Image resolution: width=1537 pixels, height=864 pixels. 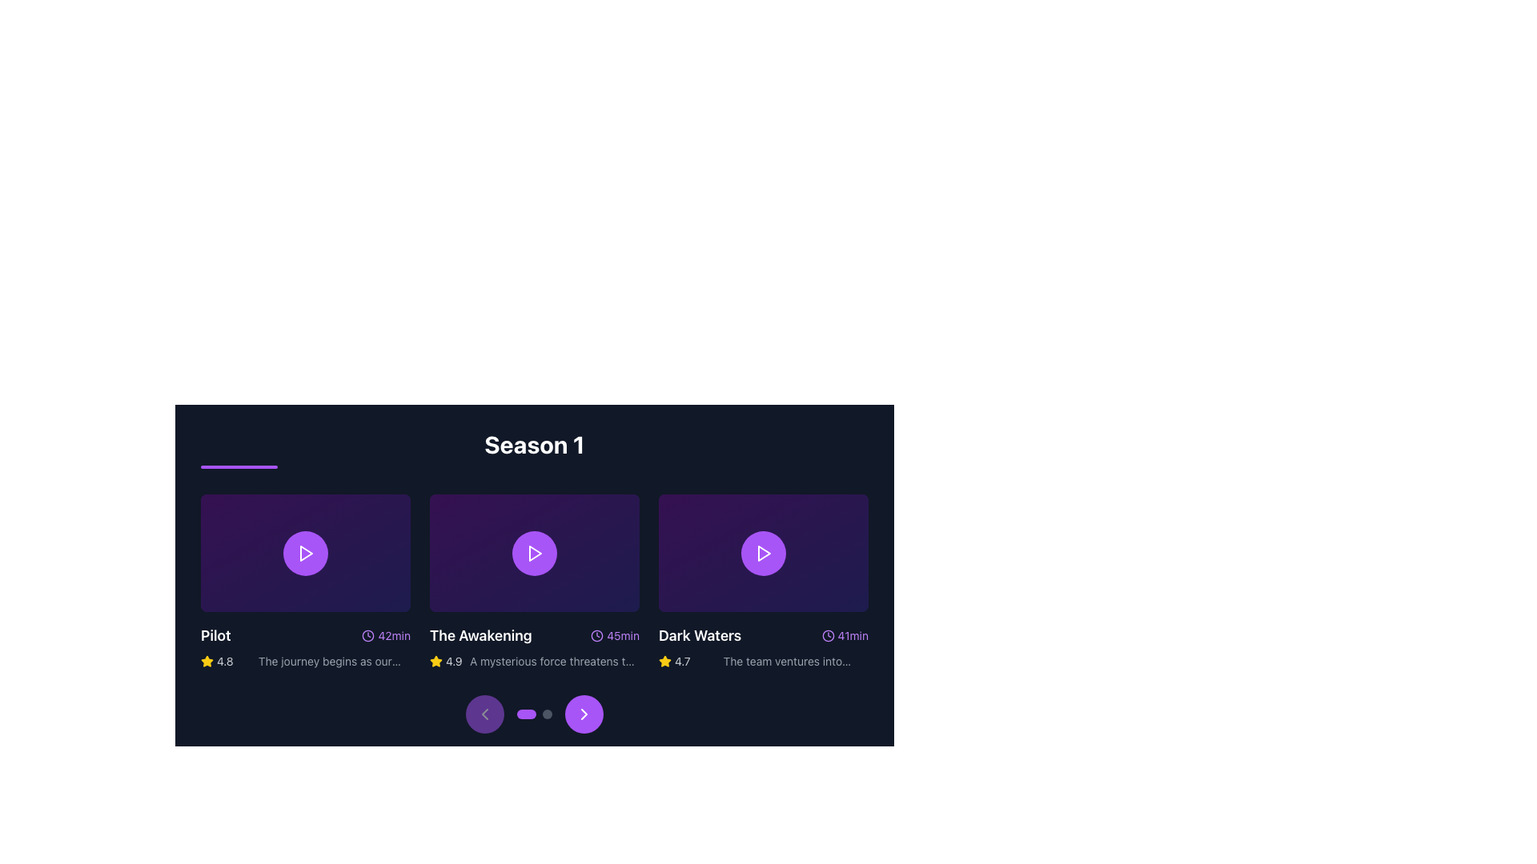 What do you see at coordinates (480, 635) in the screenshot?
I see `the text label titled 'The Awakening', which is styled in white bold font and located on a dark background, positioned to the left of the runtime indication` at bounding box center [480, 635].